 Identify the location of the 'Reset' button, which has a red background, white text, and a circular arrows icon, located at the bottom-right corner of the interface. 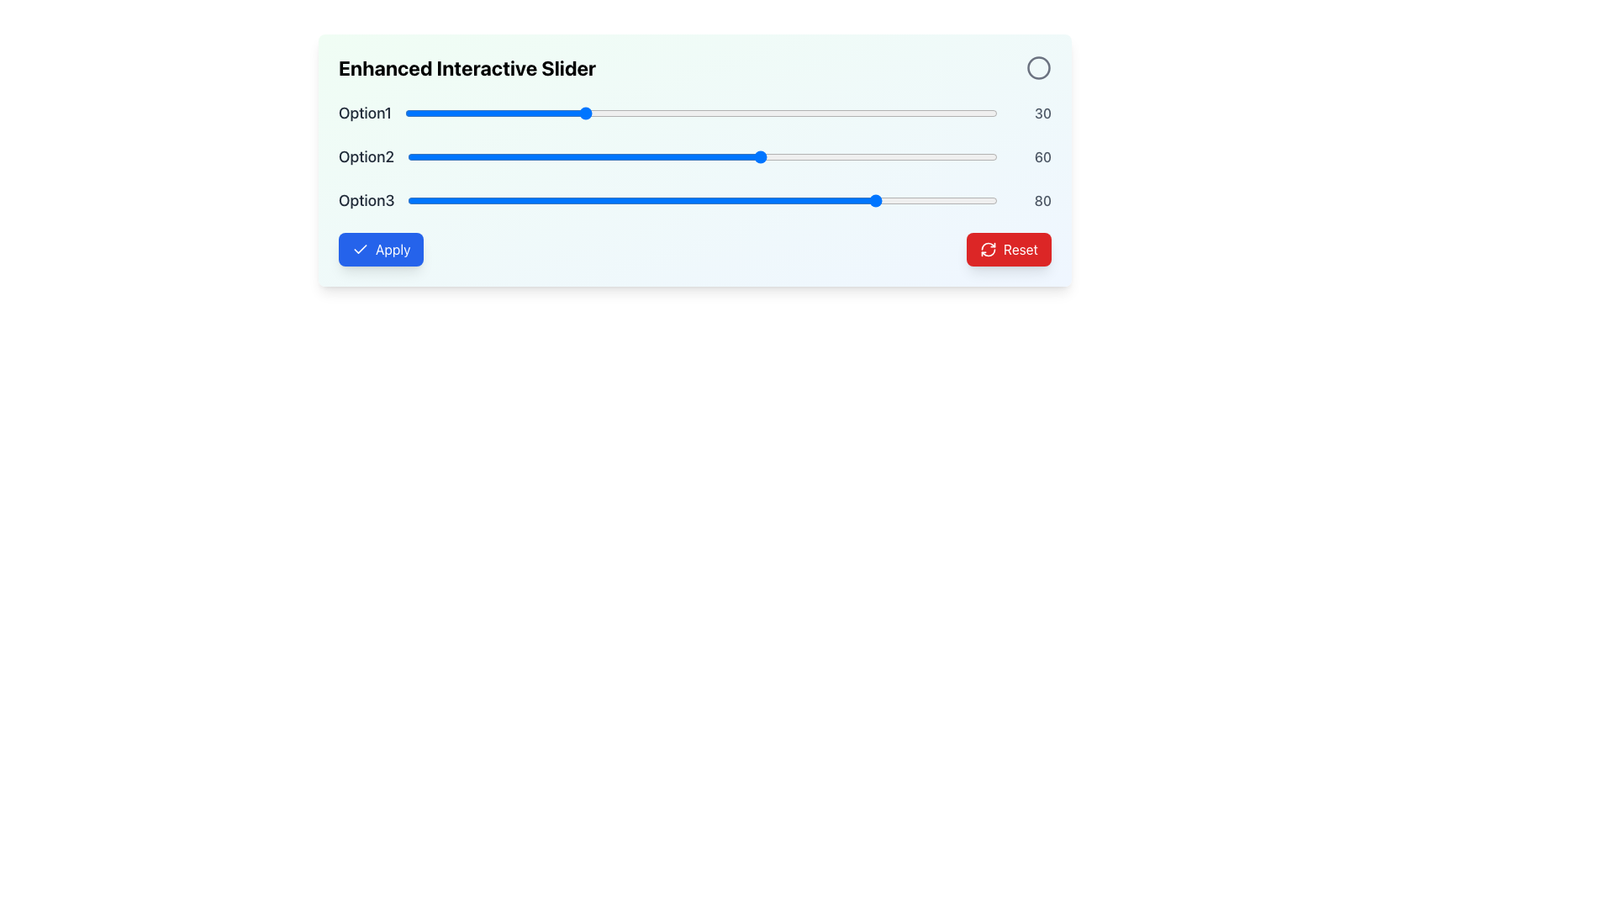
(1009, 250).